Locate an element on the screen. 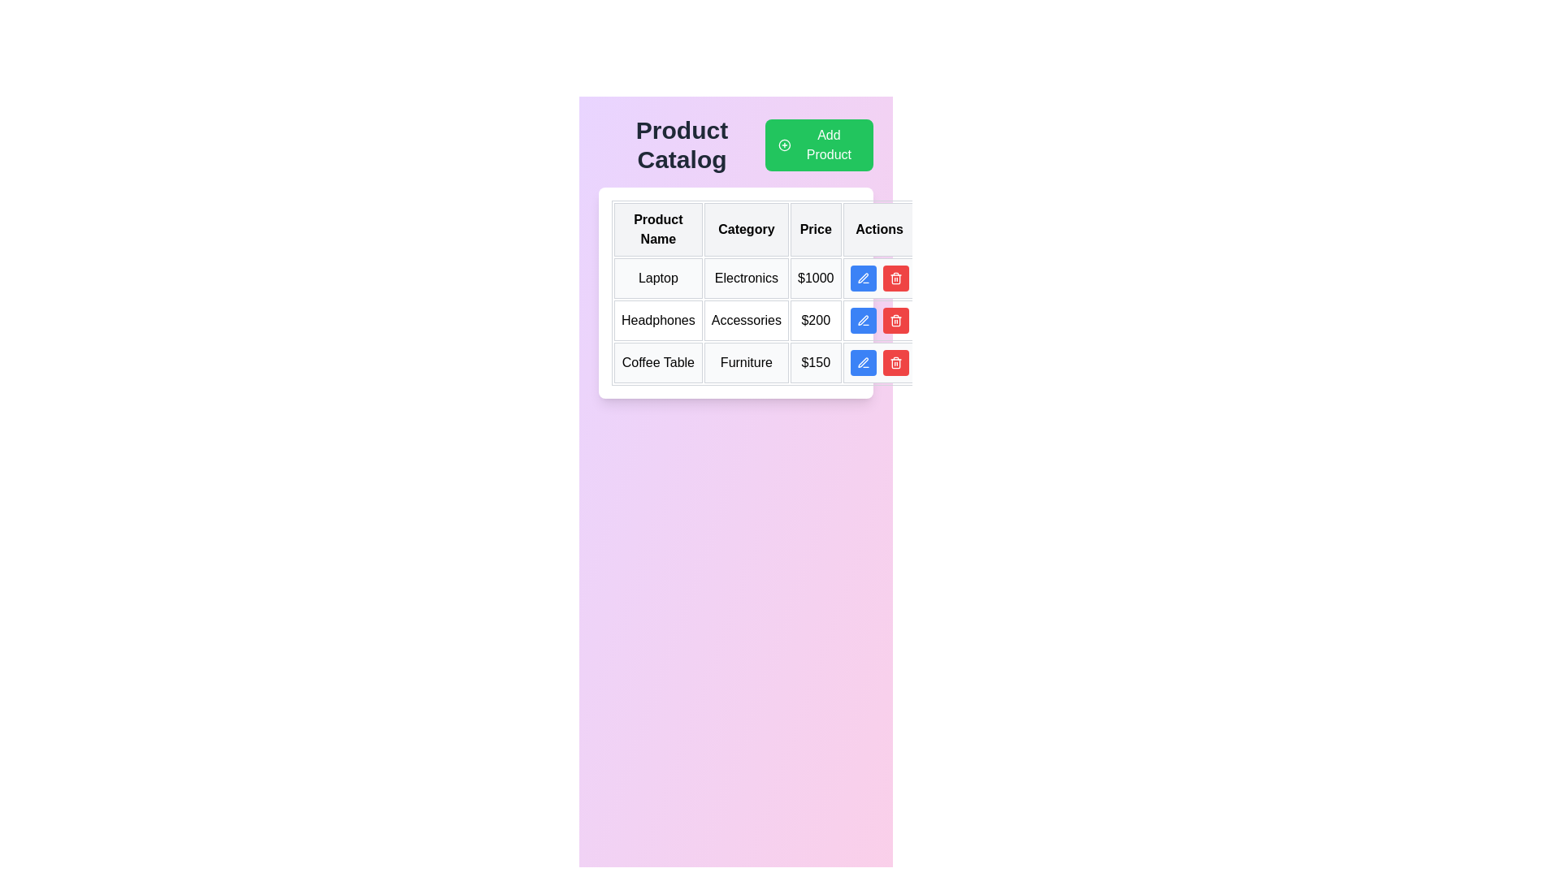 This screenshot has width=1560, height=877. the pen icon in the 'Actions' column of the table, located next to the 'Coffee Table' entry is located at coordinates (862, 320).